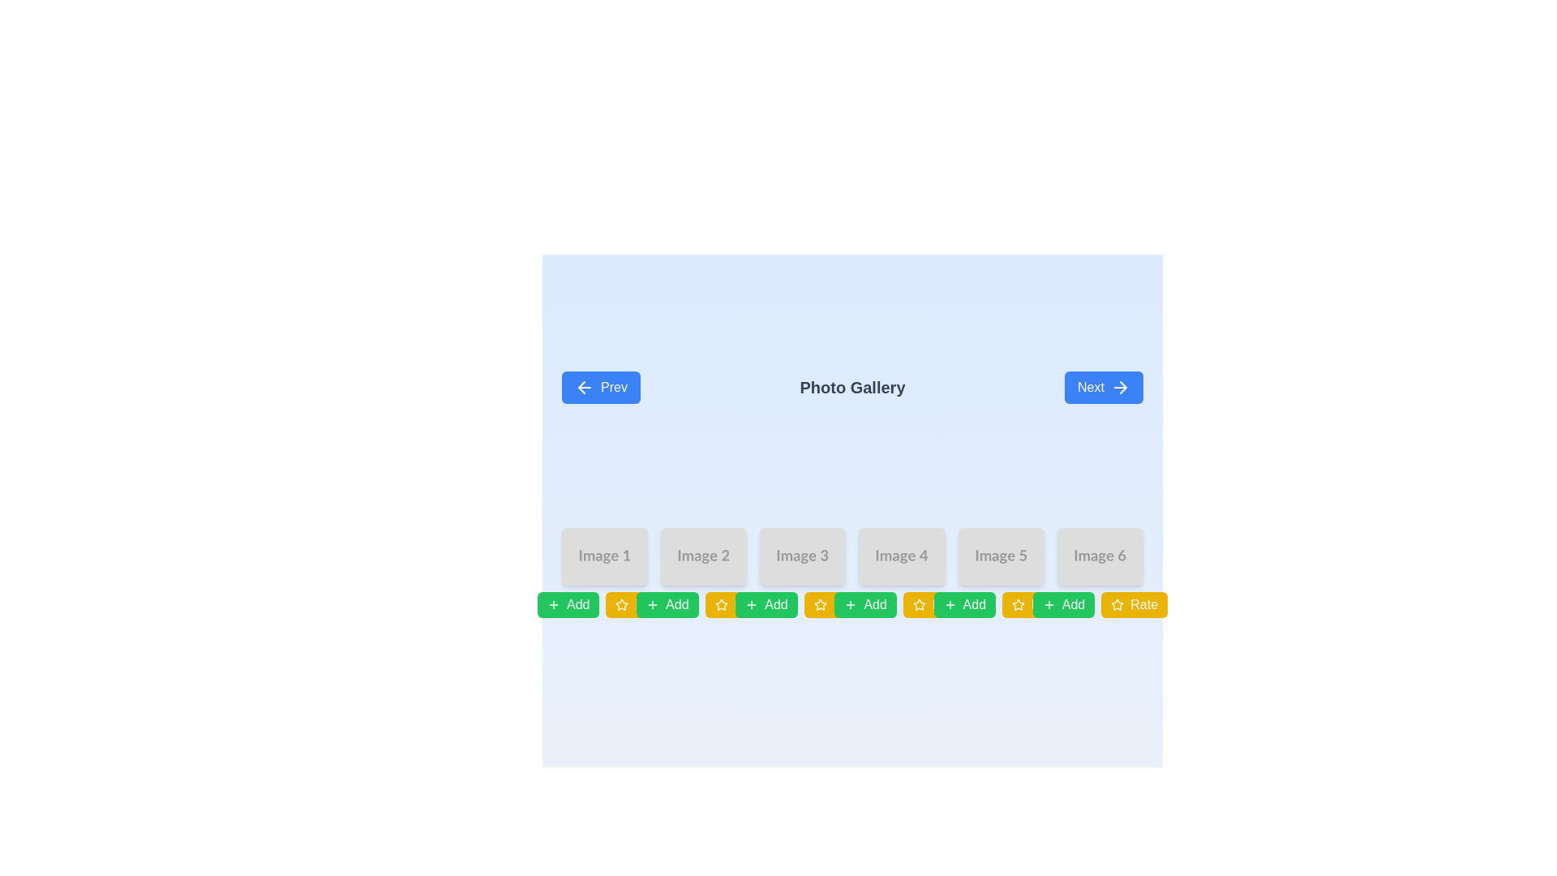 Image resolution: width=1557 pixels, height=876 pixels. I want to click on the rectangular yellow button labeled 'Rate' with rounded corners and a star icon to rate the item, so click(638, 604).